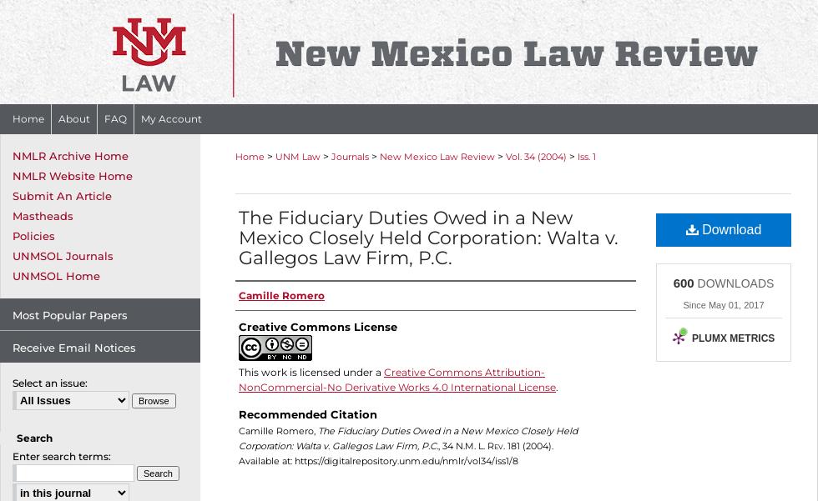 The width and height of the screenshot is (818, 501). What do you see at coordinates (437, 444) in the screenshot?
I see `',
    34'` at bounding box center [437, 444].